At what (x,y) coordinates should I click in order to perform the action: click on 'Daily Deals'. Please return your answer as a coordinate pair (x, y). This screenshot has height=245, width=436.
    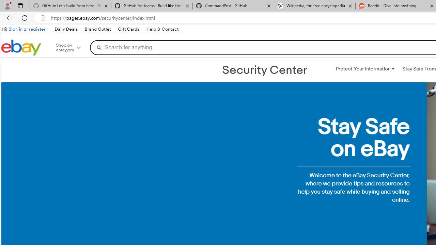
    Looking at the image, I should click on (66, 29).